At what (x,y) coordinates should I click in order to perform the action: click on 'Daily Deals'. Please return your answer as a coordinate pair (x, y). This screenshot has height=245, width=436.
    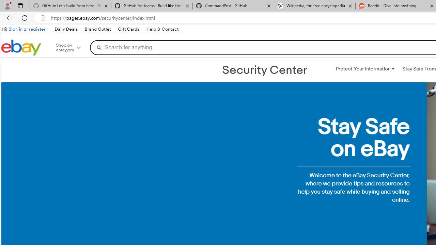
    Looking at the image, I should click on (66, 29).